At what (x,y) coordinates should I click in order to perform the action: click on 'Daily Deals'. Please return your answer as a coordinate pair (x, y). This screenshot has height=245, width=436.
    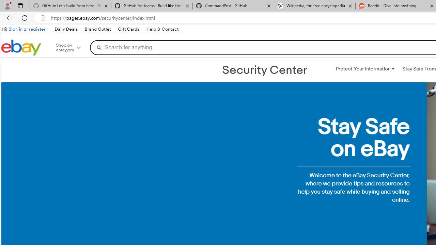
    Looking at the image, I should click on (66, 29).